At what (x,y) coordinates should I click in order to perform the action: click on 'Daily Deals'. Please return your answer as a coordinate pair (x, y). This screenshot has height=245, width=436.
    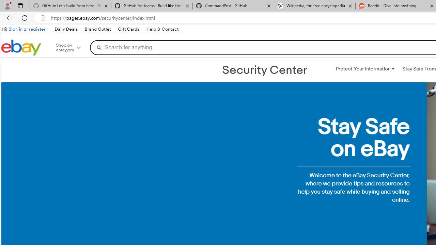
    Looking at the image, I should click on (66, 29).